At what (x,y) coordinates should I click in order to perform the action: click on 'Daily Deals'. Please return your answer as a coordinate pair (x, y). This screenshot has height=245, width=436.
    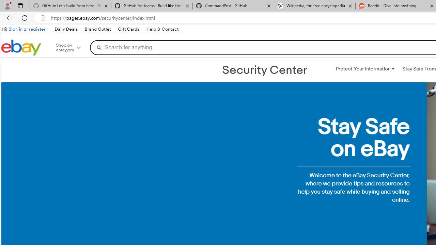
    Looking at the image, I should click on (66, 29).